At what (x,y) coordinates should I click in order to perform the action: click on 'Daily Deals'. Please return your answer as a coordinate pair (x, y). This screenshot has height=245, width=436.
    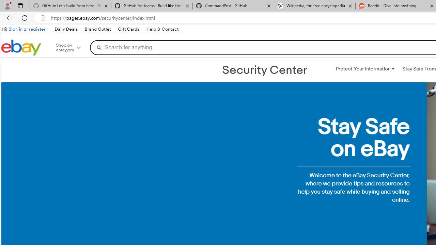
    Looking at the image, I should click on (66, 29).